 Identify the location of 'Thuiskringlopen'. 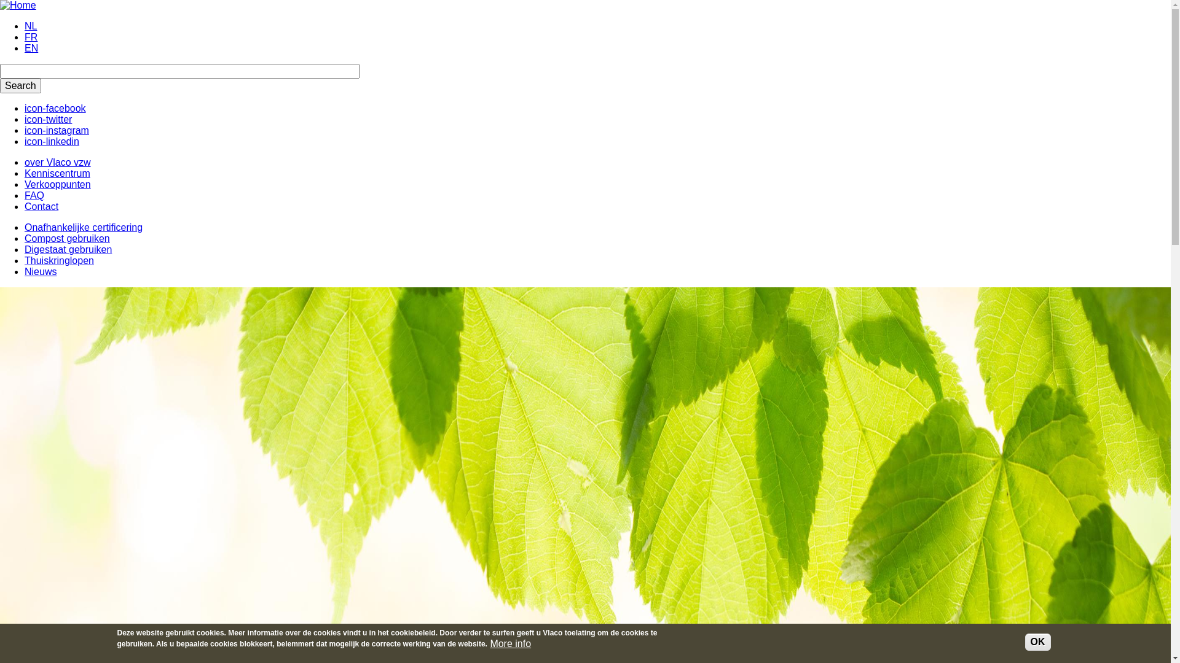
(24, 260).